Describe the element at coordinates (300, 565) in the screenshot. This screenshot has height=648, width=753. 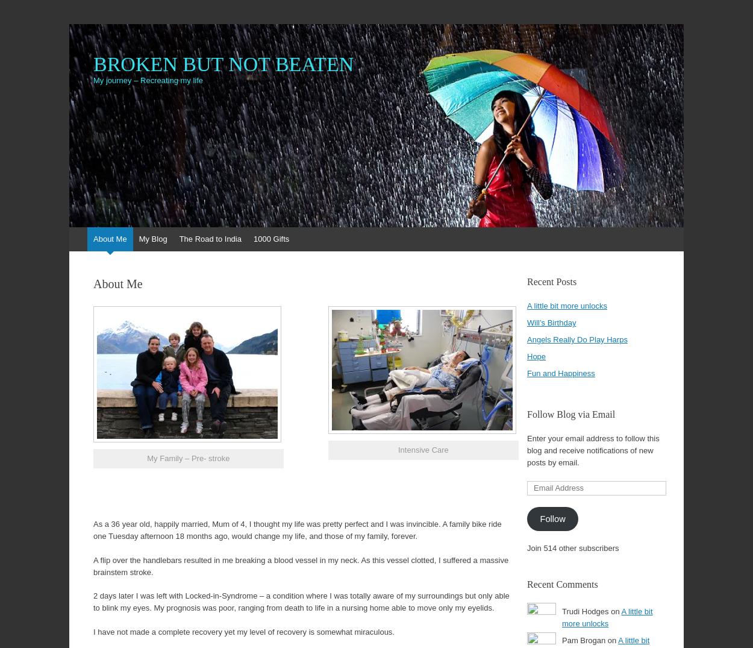
I see `'A flip over the handlebars resulted in me breaking a blood vessel in my neck. As this vessel clotted, I suffered a massive brainstem stroke.'` at that location.